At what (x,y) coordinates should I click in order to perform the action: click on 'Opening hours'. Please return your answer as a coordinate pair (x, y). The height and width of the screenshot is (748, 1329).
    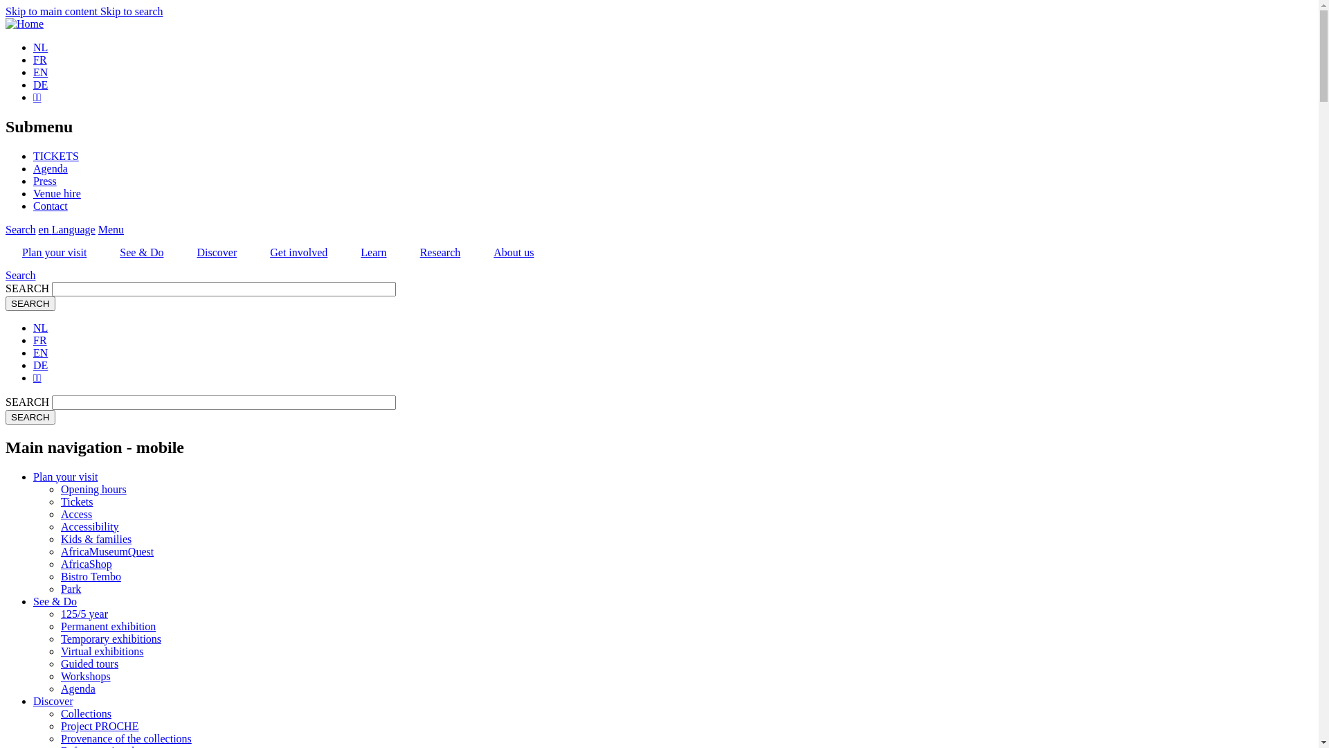
    Looking at the image, I should click on (60, 488).